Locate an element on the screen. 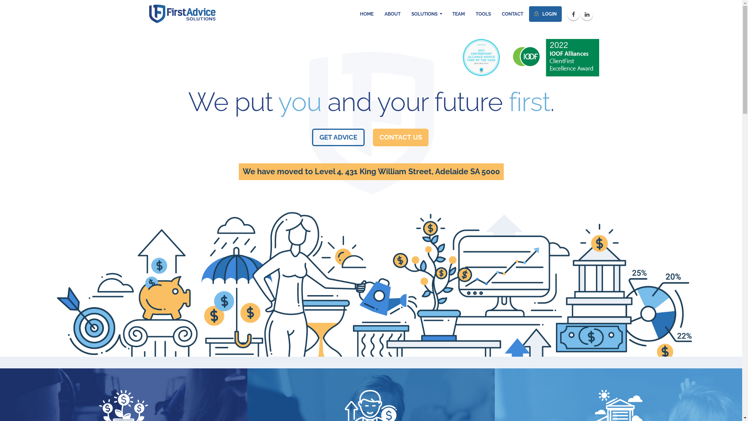 Image resolution: width=748 pixels, height=421 pixels. 'Facebook' is located at coordinates (567, 14).